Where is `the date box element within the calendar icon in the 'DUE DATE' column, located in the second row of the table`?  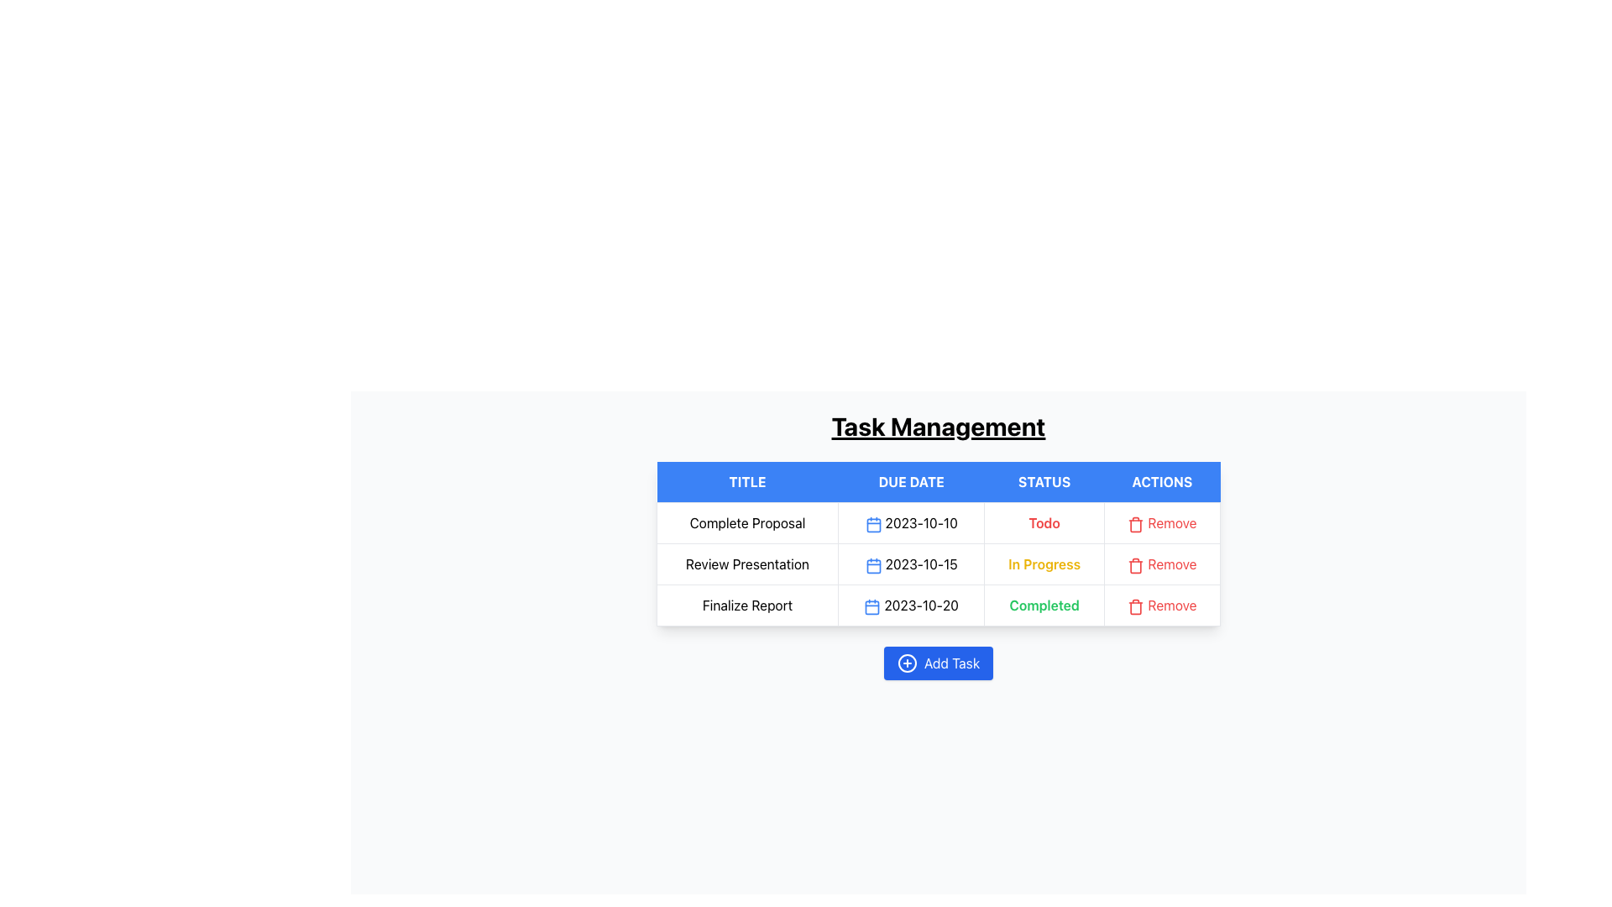
the date box element within the calendar icon in the 'DUE DATE' column, located in the second row of the table is located at coordinates (873, 566).